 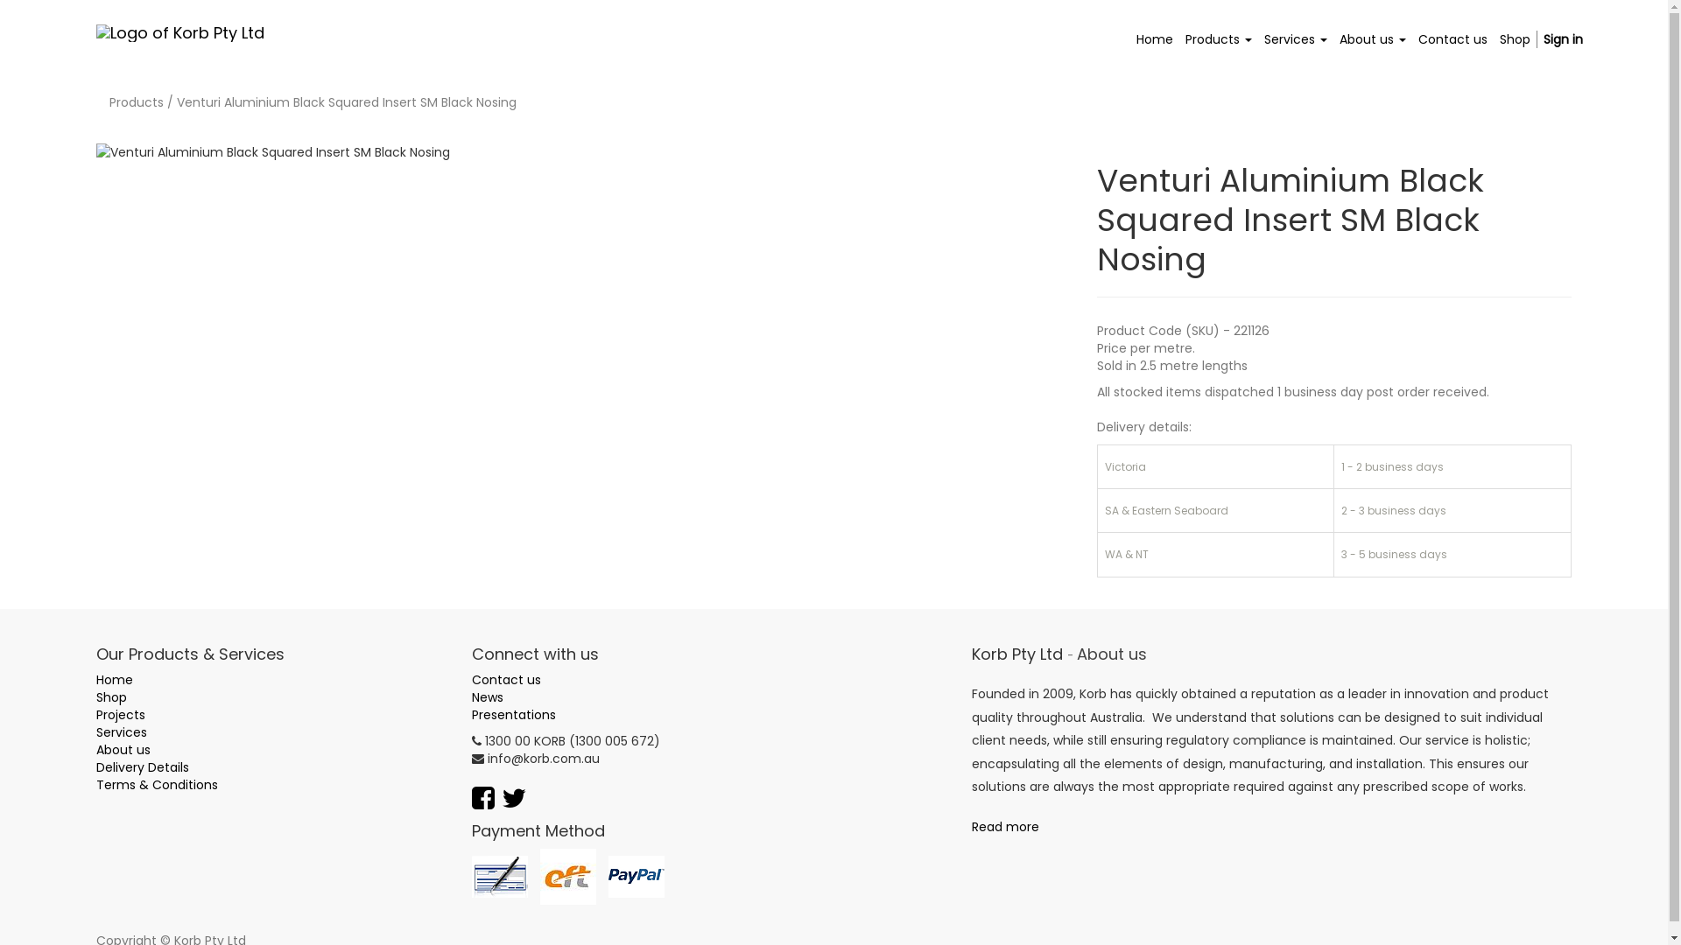 What do you see at coordinates (1372, 39) in the screenshot?
I see `'About us'` at bounding box center [1372, 39].